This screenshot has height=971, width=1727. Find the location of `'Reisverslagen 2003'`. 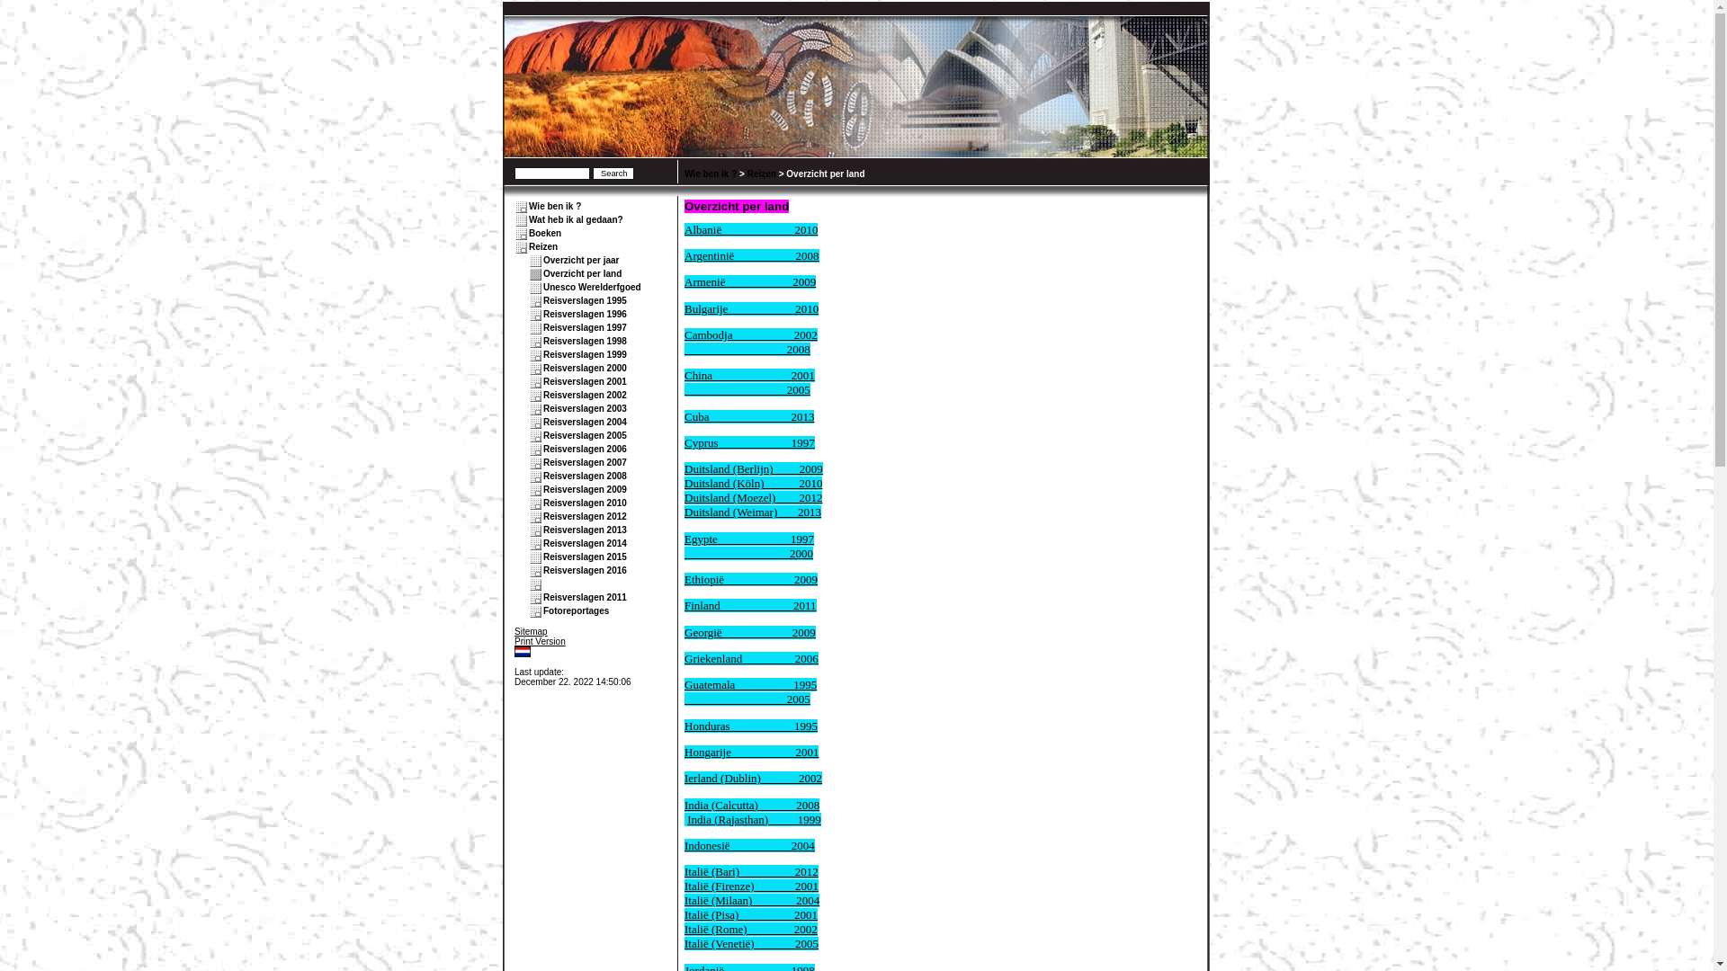

'Reisverslagen 2003' is located at coordinates (585, 408).